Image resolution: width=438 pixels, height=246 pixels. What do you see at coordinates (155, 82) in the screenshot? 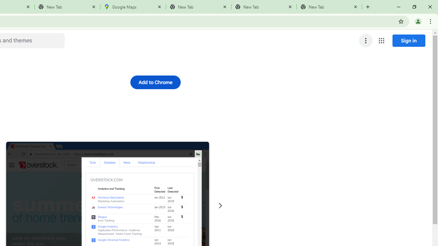
I see `'Add to Chrome'` at bounding box center [155, 82].